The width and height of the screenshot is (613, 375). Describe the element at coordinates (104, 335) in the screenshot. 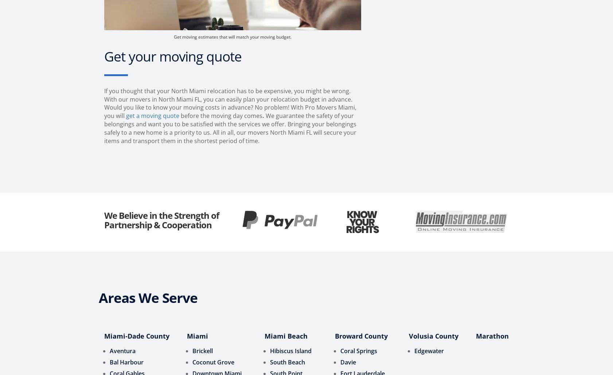

I see `'Miami-Dade County'` at that location.